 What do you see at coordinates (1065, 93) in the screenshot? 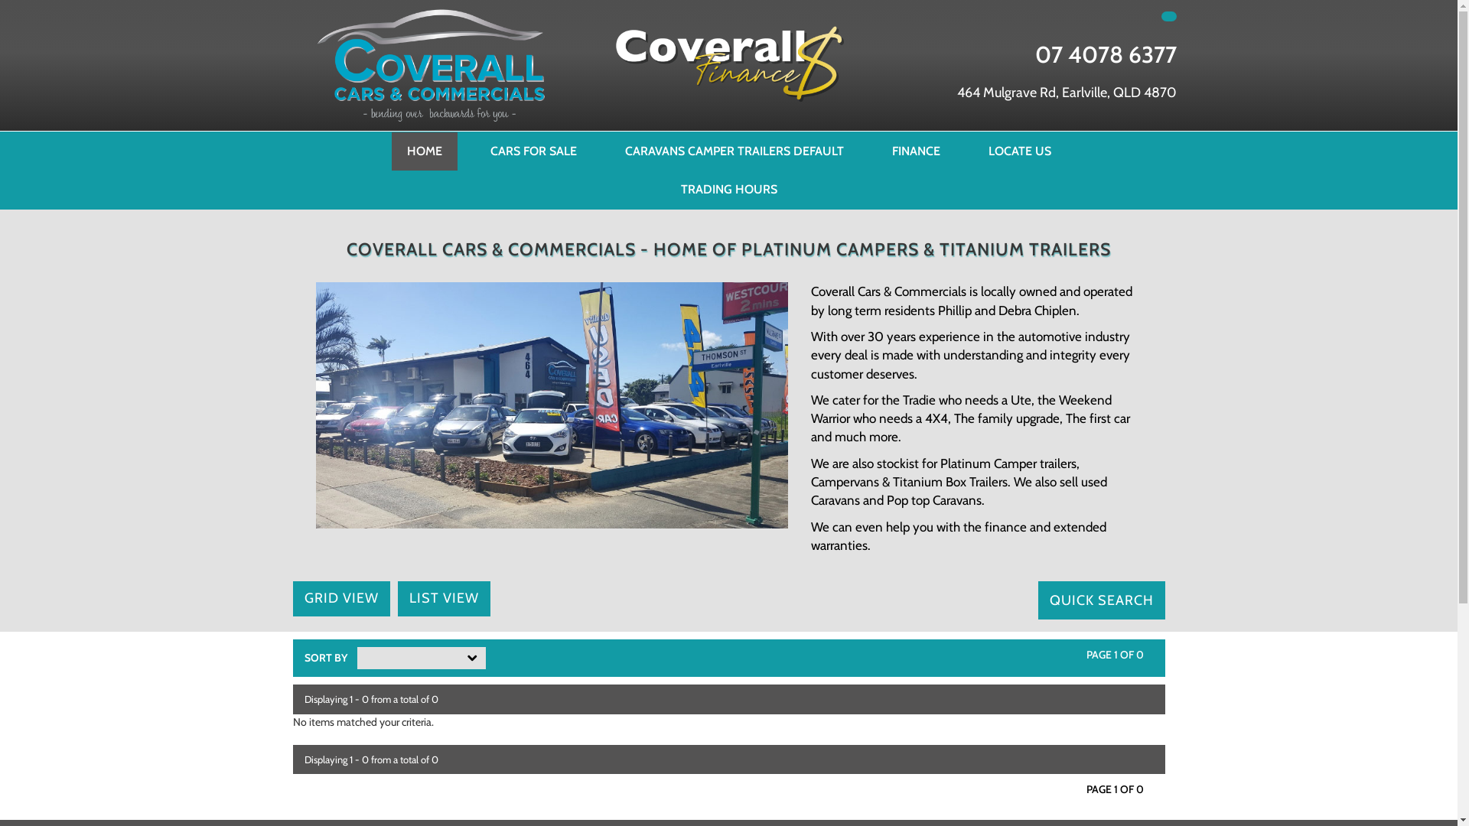
I see `'464 Mulgrave Rd, Earlville, QLD 4870'` at bounding box center [1065, 93].